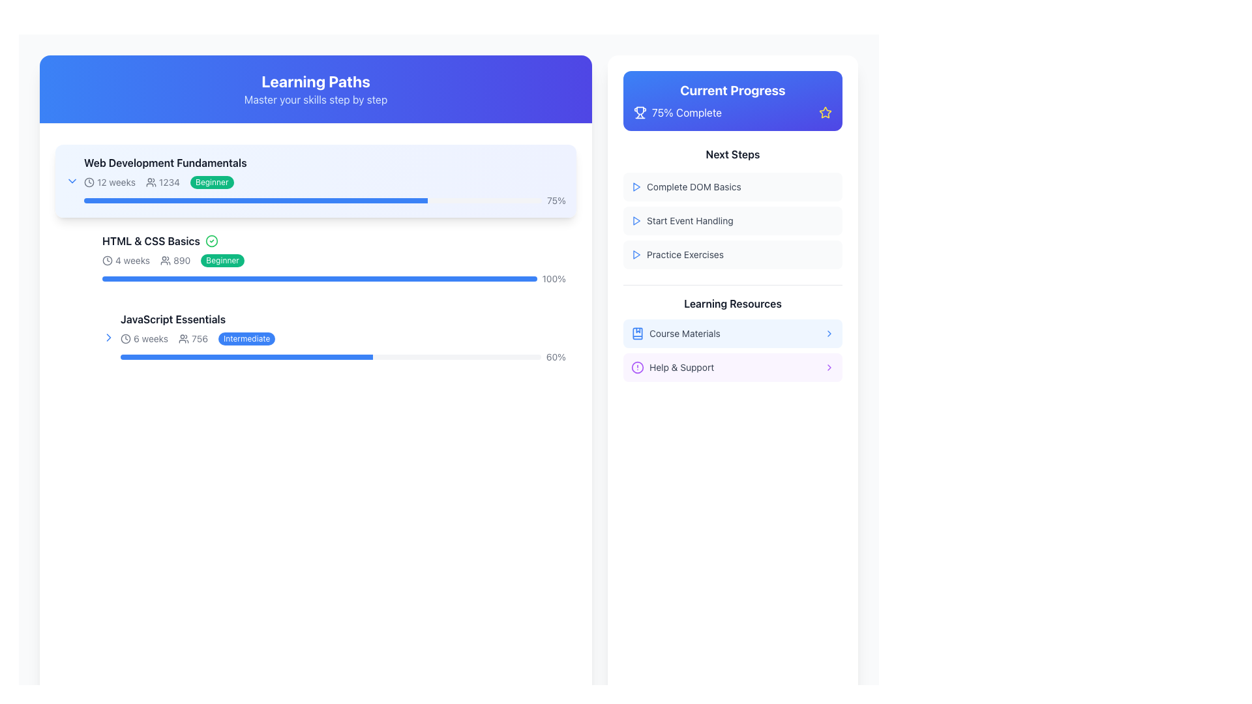 The width and height of the screenshot is (1252, 704). Describe the element at coordinates (678, 112) in the screenshot. I see `the static informational banner displaying the user's progress level, located on the right side of the interface under the 'Current Progress' section` at that location.